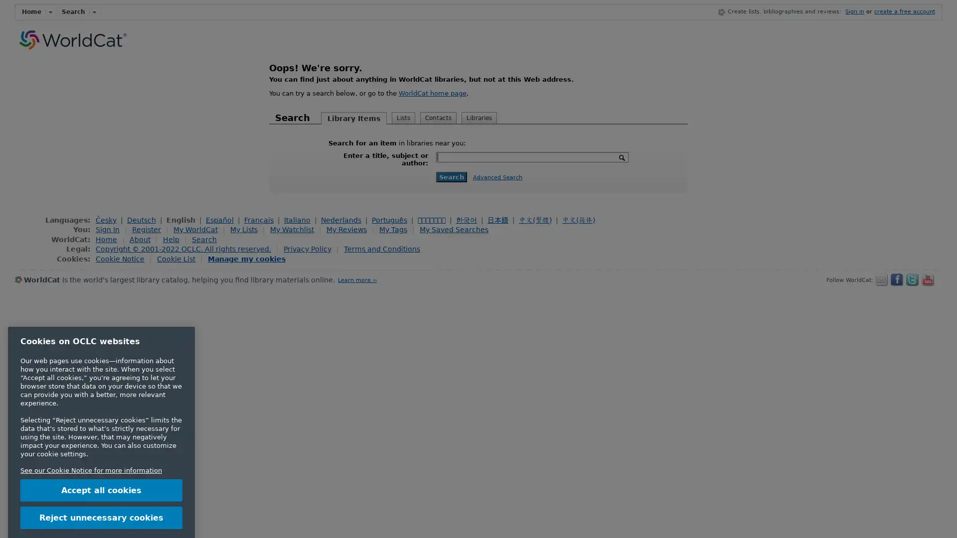 This screenshot has height=538, width=957. Describe the element at coordinates (451, 176) in the screenshot. I see `Search` at that location.